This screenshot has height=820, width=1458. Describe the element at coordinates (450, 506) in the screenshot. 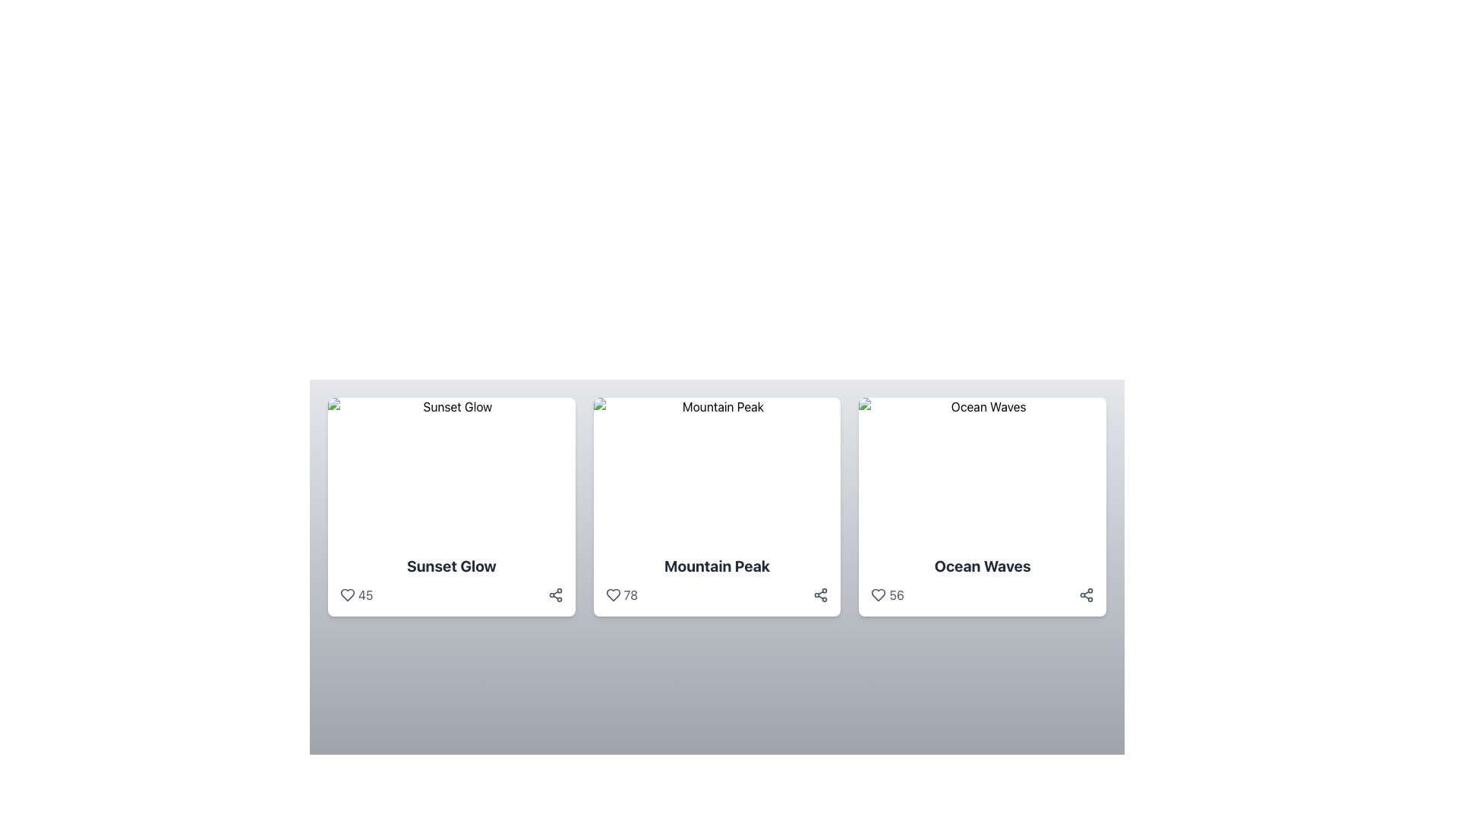

I see `the first card` at that location.